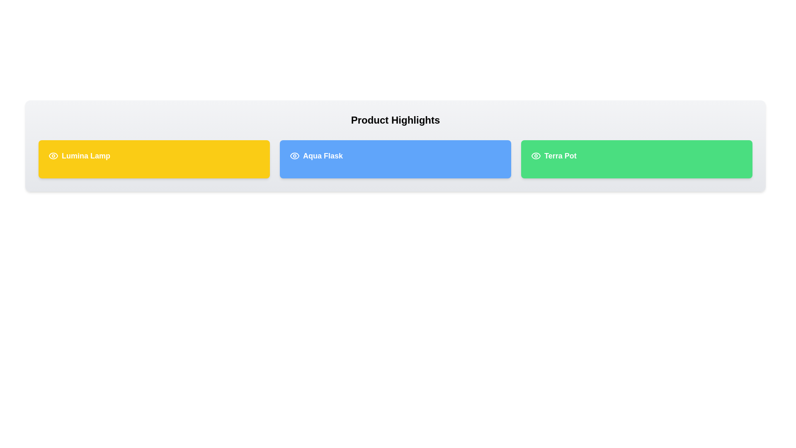 This screenshot has width=796, height=448. Describe the element at coordinates (560, 156) in the screenshot. I see `the text label representing the title of a product, positioned in the third column next to 'Aqua Flask' and beneath 'Product Highlights'` at that location.